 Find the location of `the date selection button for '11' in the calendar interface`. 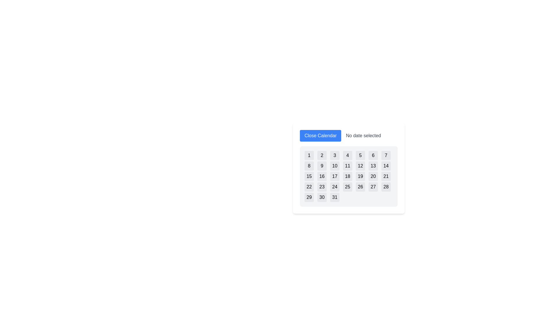

the date selection button for '11' in the calendar interface is located at coordinates (348, 166).